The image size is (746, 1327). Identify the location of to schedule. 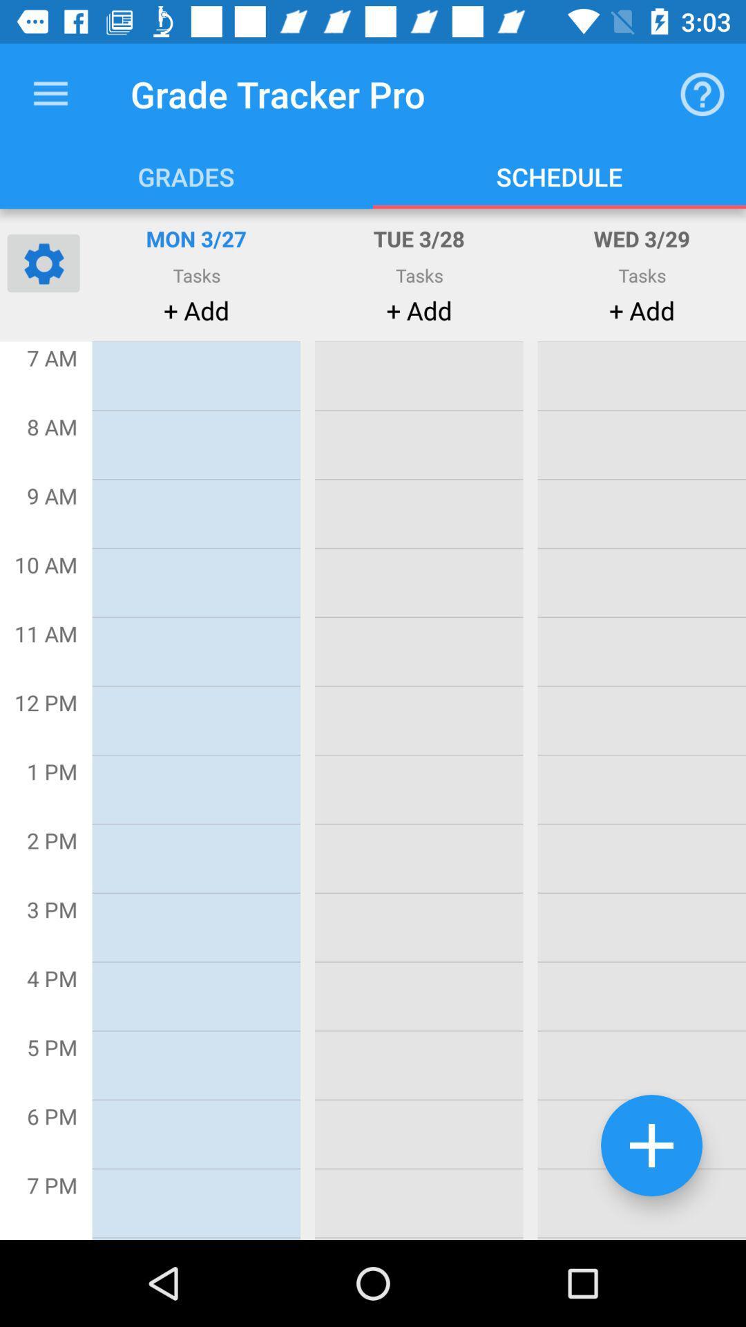
(651, 1145).